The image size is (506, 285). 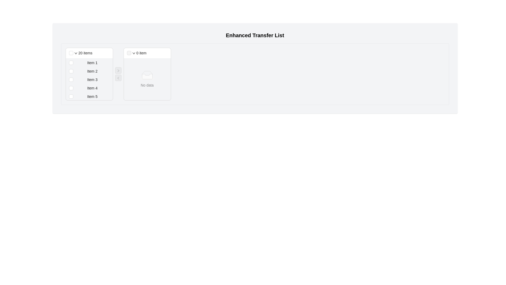 What do you see at coordinates (134, 53) in the screenshot?
I see `the downward-pointing arrow icon of the Dropdown trigger located in the right transfer list header` at bounding box center [134, 53].